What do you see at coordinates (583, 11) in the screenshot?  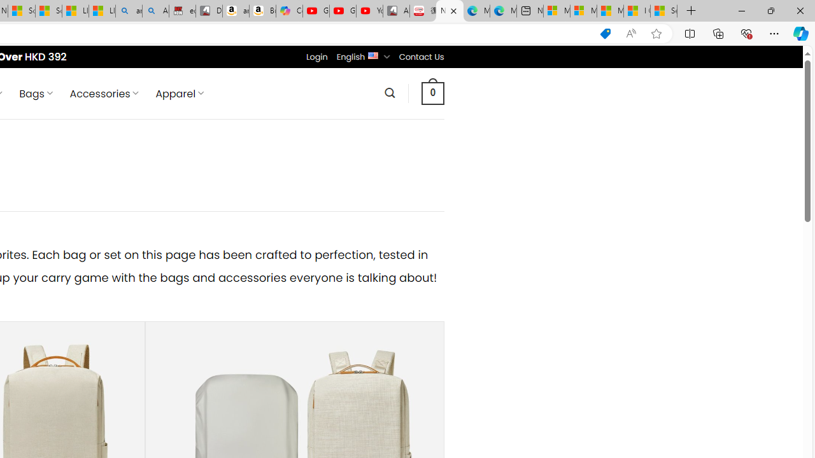 I see `'Microsoft account | Privacy'` at bounding box center [583, 11].